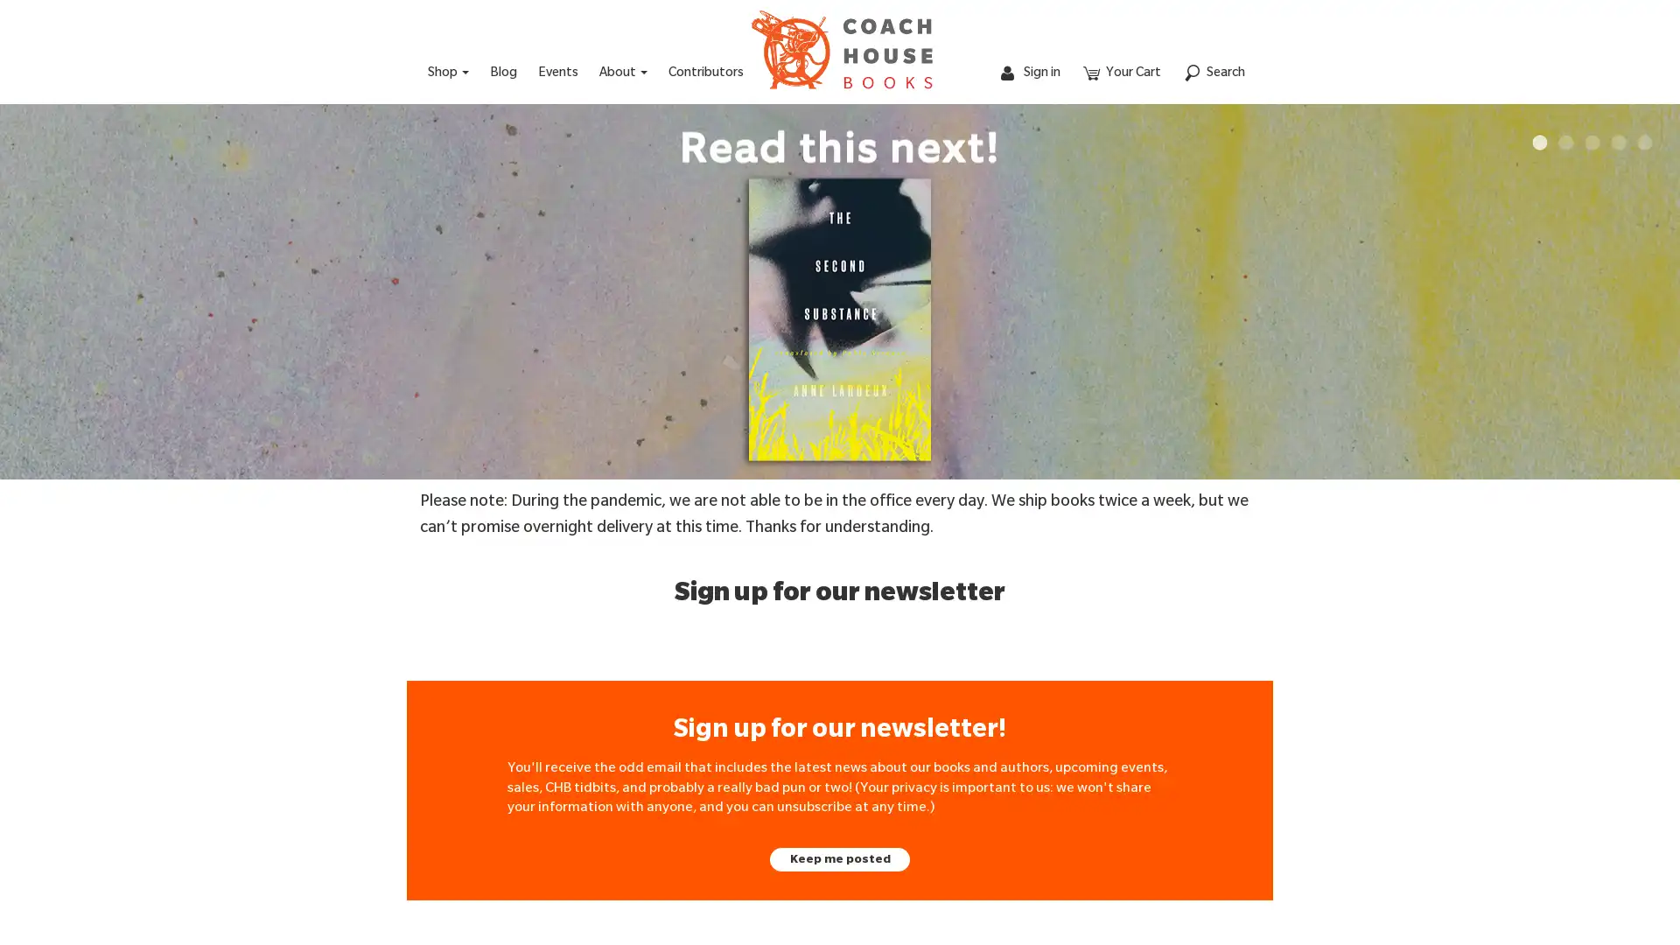 The height and width of the screenshot is (945, 1680). I want to click on 5, so click(1644, 143).